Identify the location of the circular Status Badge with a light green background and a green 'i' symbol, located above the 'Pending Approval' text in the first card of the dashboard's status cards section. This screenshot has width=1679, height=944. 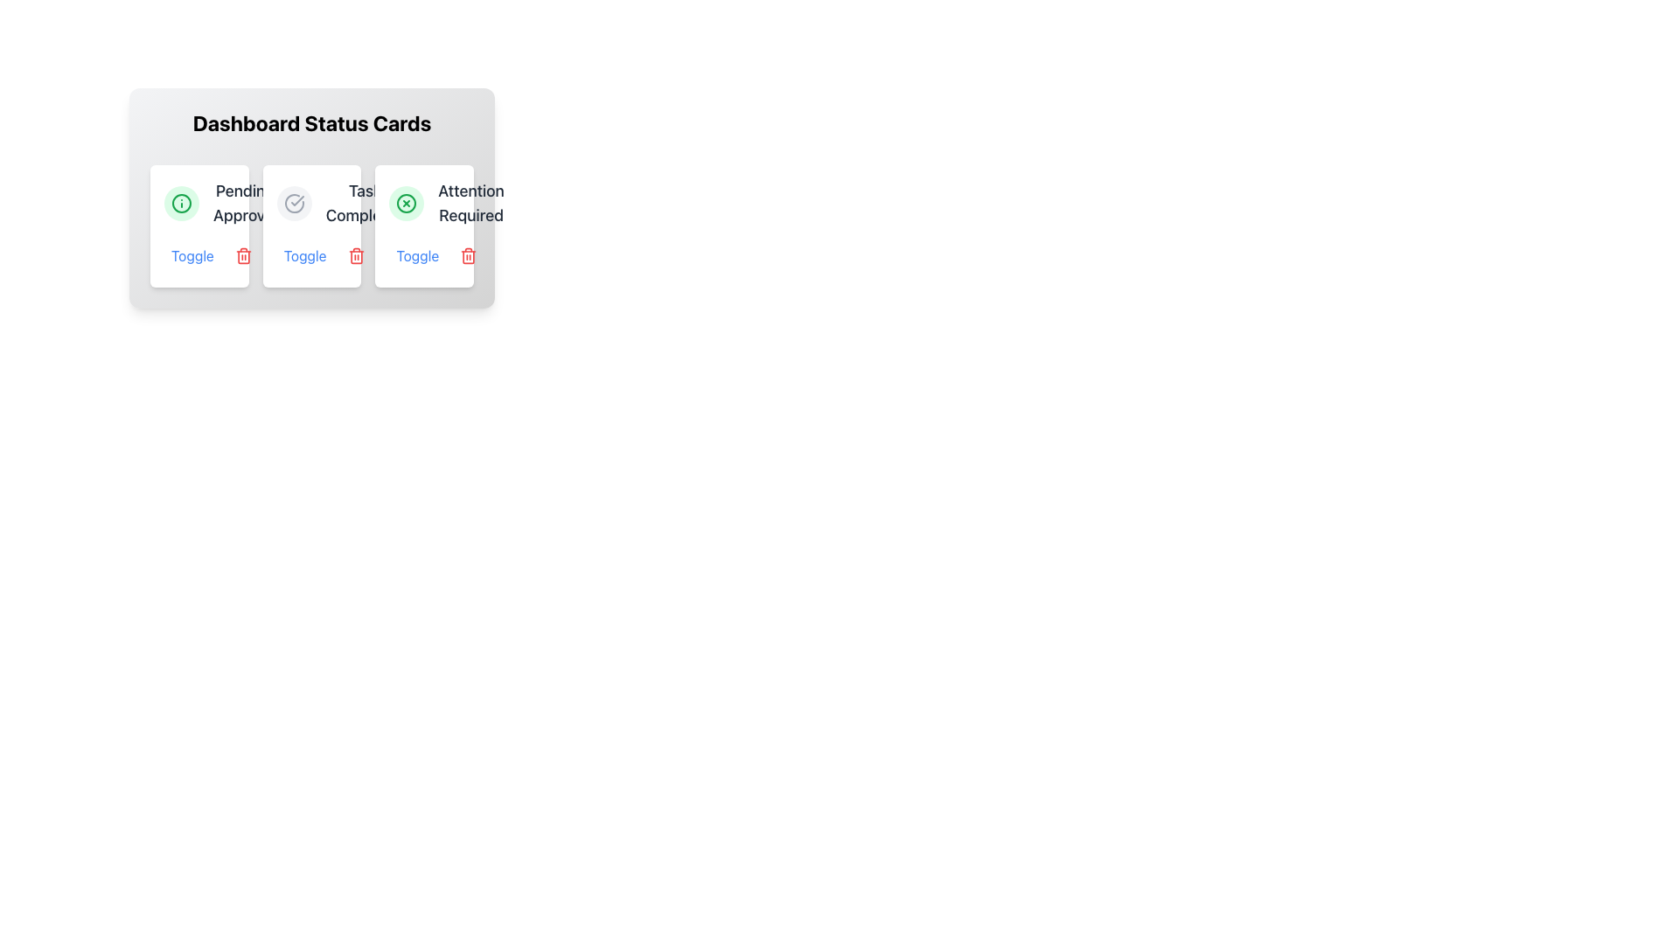
(181, 202).